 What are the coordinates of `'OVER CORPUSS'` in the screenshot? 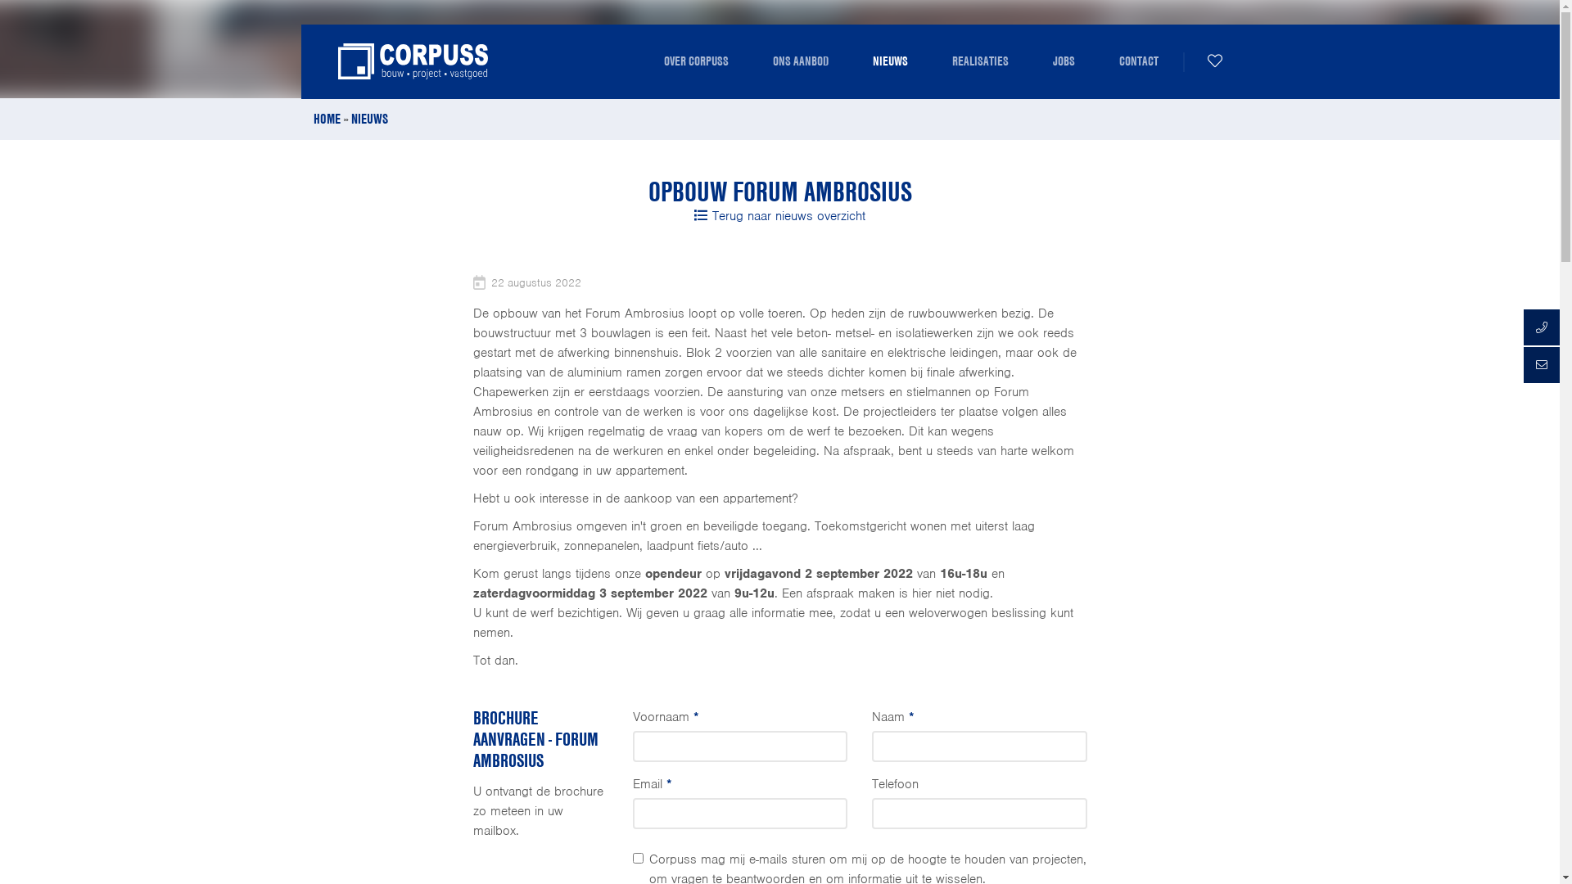 It's located at (651, 60).